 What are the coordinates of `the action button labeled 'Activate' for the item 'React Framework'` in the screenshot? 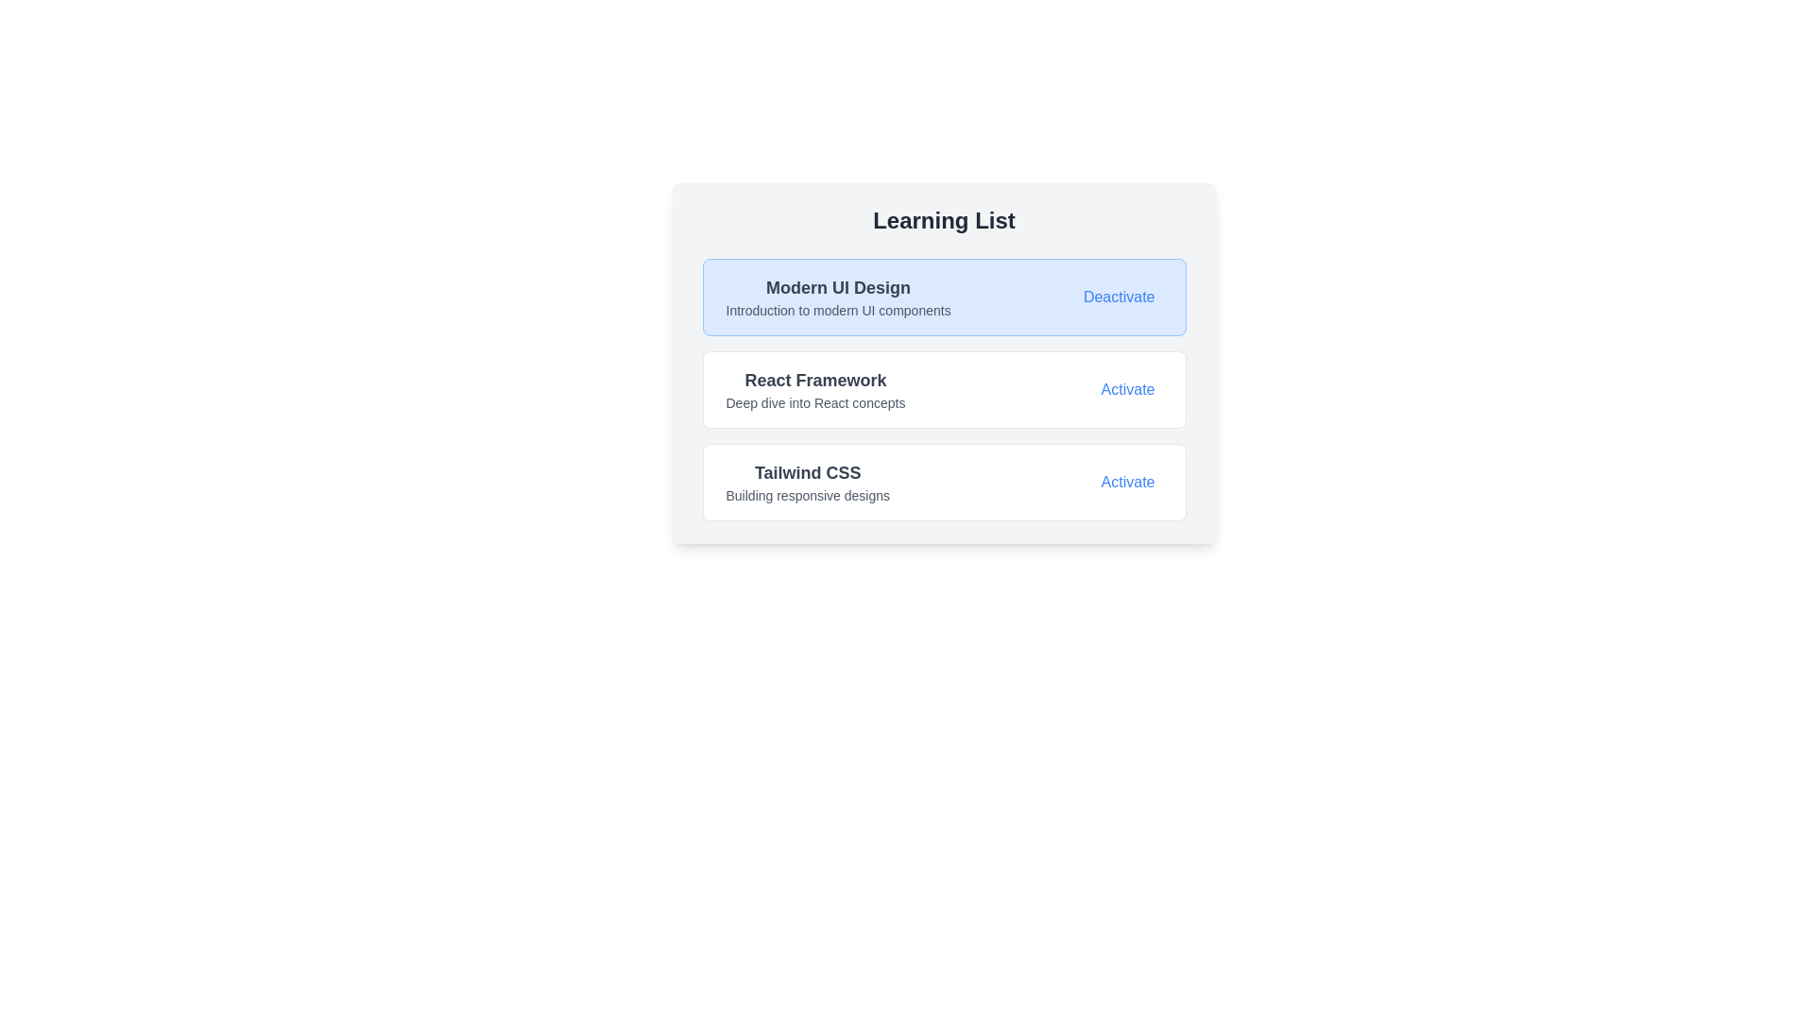 It's located at (1128, 388).